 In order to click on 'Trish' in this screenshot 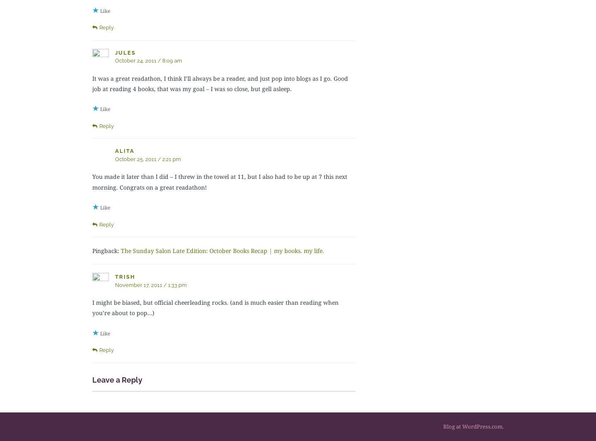, I will do `click(125, 277)`.